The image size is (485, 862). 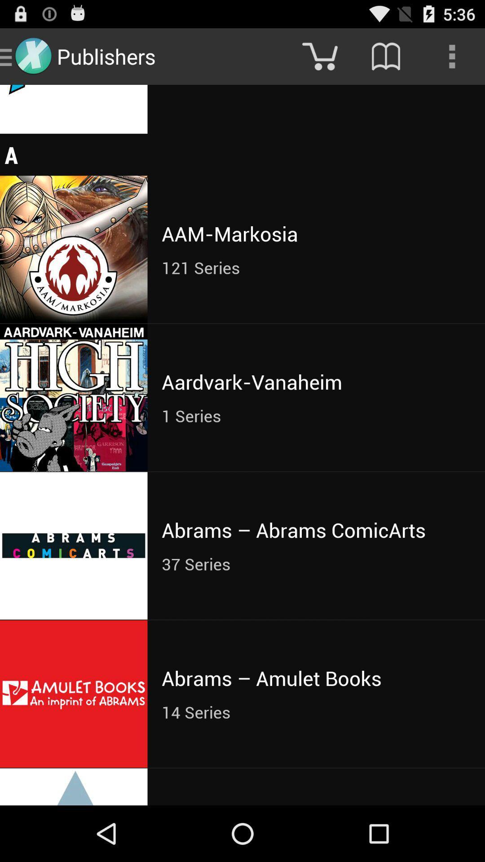 I want to click on icon above the 14 series icon, so click(x=316, y=678).